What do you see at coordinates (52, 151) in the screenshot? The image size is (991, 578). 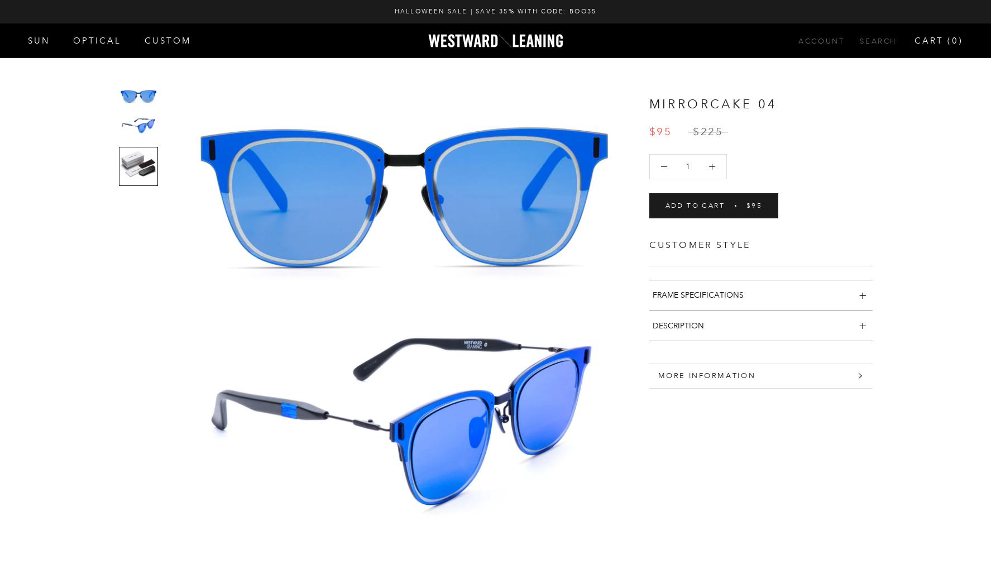 I see `'Sport'` at bounding box center [52, 151].